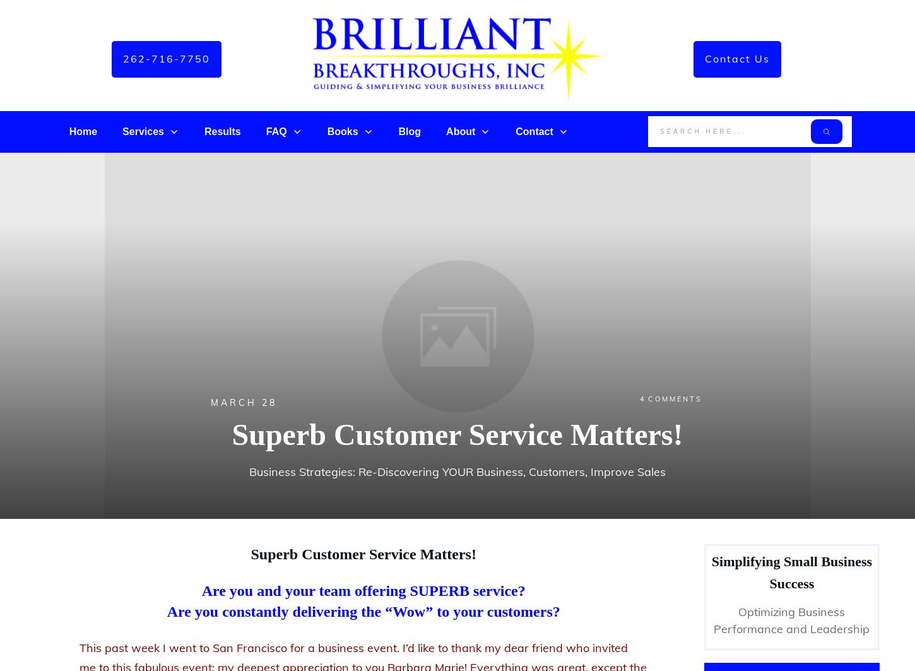 The height and width of the screenshot is (671, 915). What do you see at coordinates (791, 571) in the screenshot?
I see `'Simplifying Small Business Success'` at bounding box center [791, 571].